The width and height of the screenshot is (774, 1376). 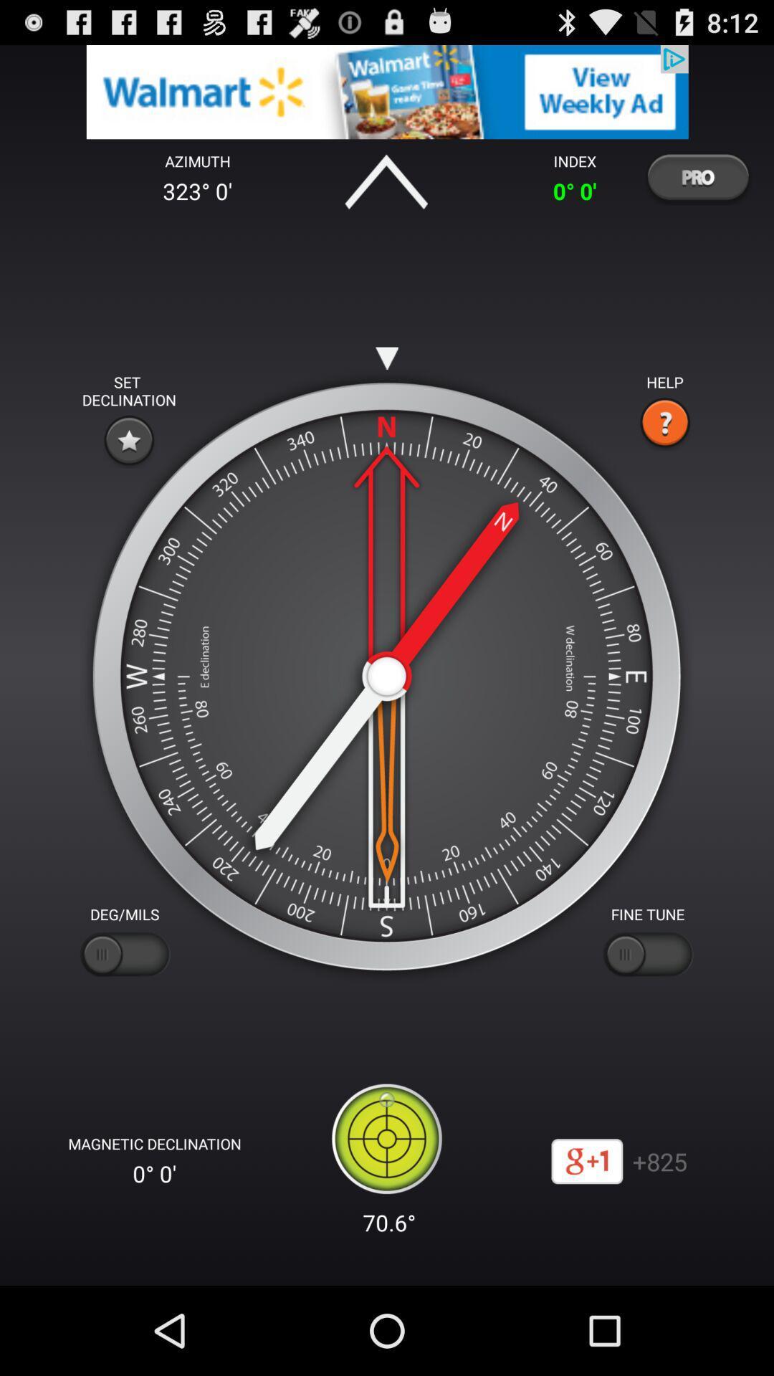 What do you see at coordinates (387, 91) in the screenshot?
I see `advertisement` at bounding box center [387, 91].